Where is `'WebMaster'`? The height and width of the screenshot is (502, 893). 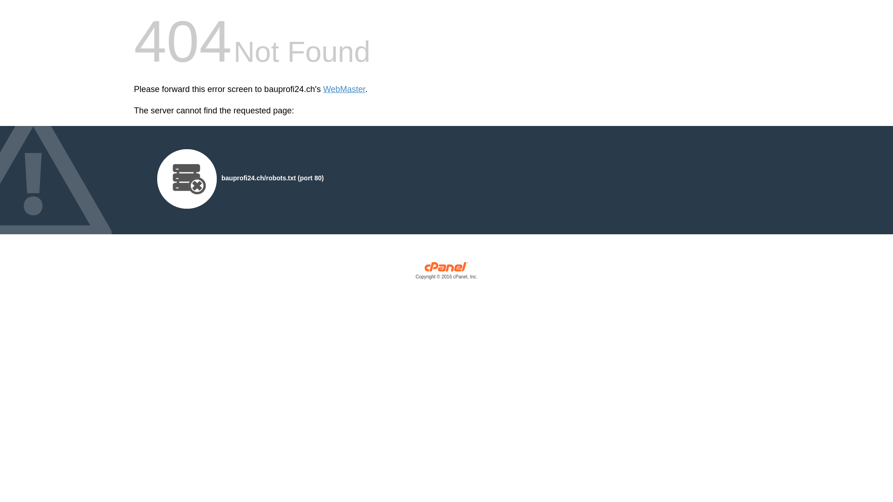
'WebMaster' is located at coordinates (323, 89).